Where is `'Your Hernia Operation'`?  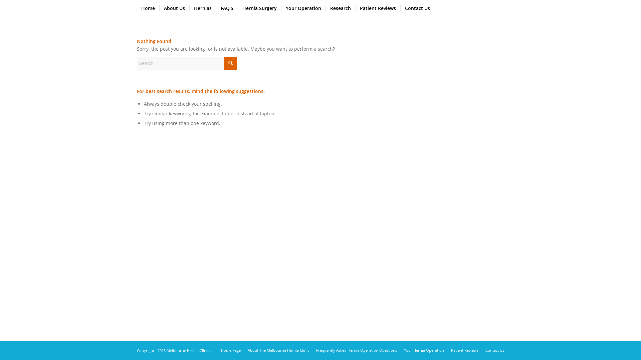 'Your Hernia Operation' is located at coordinates (424, 350).